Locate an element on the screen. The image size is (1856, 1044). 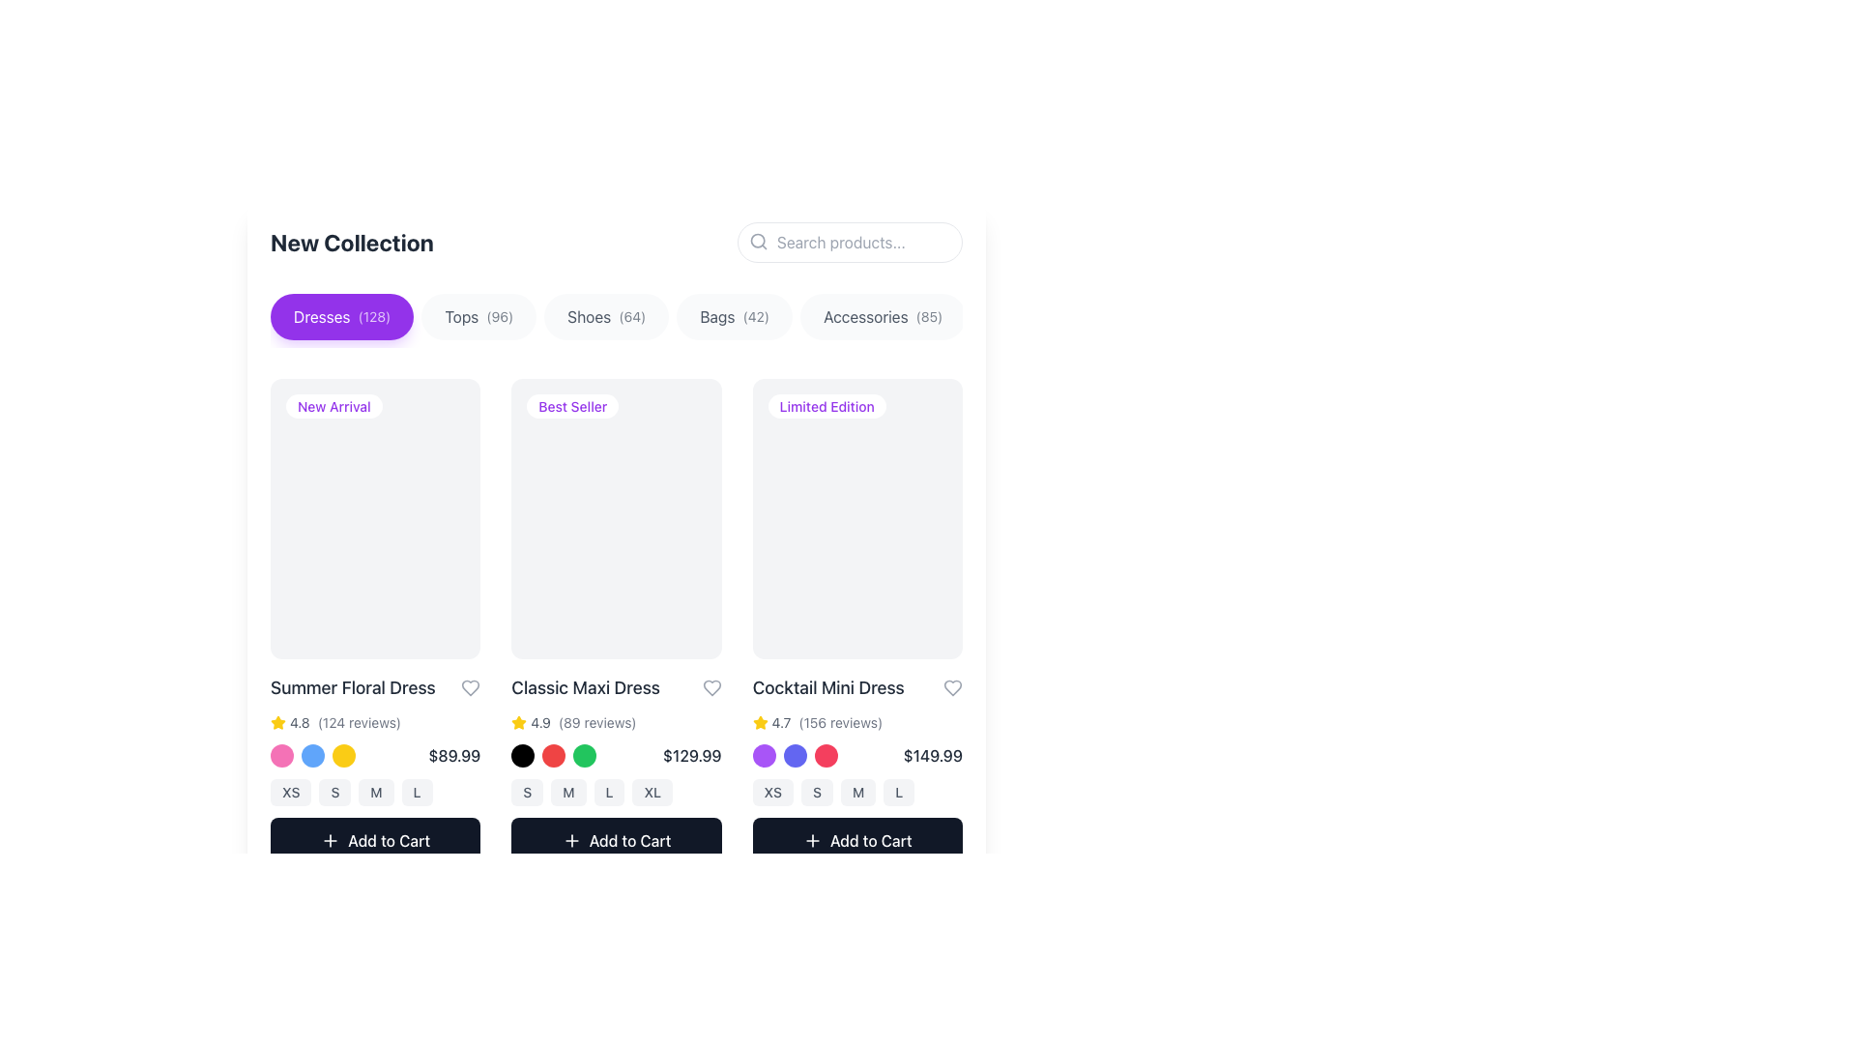
the static text label displaying the number of reviews for the 'Cocktail Mini Dress' product, located in the rating section to the right of the yellow star and numerical rating is located at coordinates (840, 722).